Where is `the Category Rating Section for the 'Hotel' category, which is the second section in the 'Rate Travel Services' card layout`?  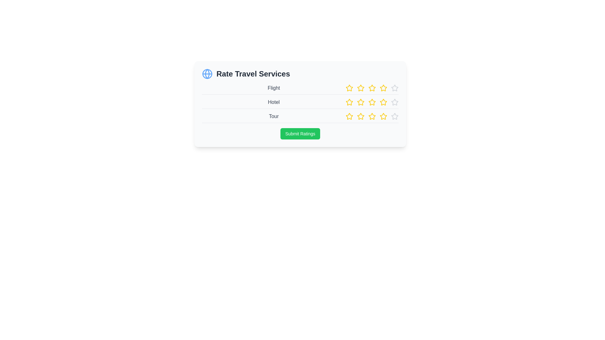 the Category Rating Section for the 'Hotel' category, which is the second section in the 'Rate Travel Services' card layout is located at coordinates (300, 103).